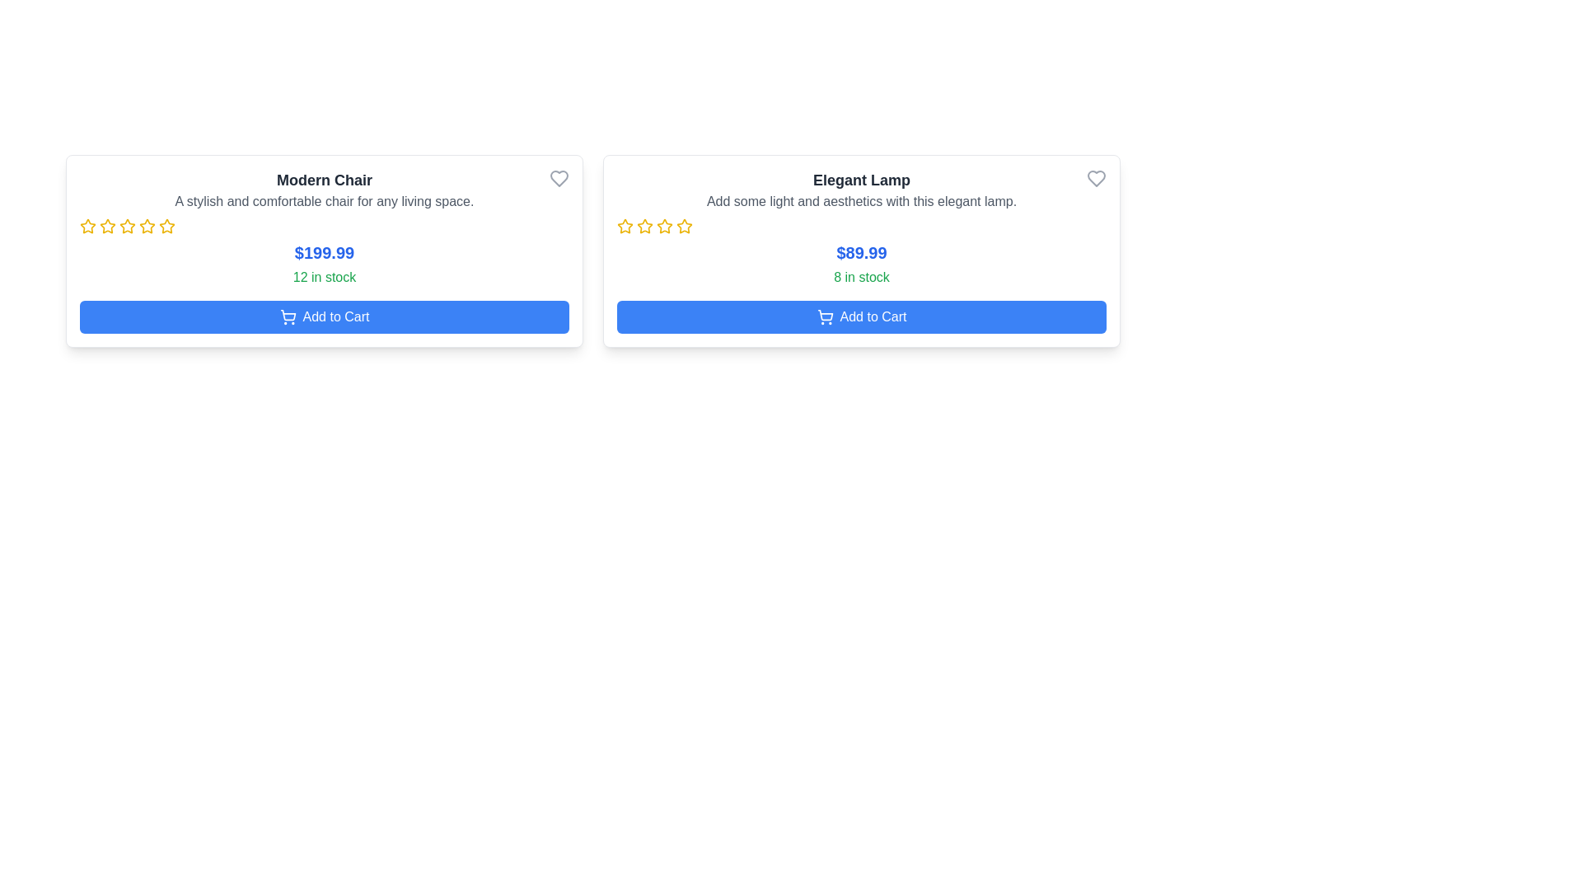  What do you see at coordinates (126, 226) in the screenshot?
I see `the fourth star icon in the rating component for the 'Modern Chair' product card to interact with the rating` at bounding box center [126, 226].